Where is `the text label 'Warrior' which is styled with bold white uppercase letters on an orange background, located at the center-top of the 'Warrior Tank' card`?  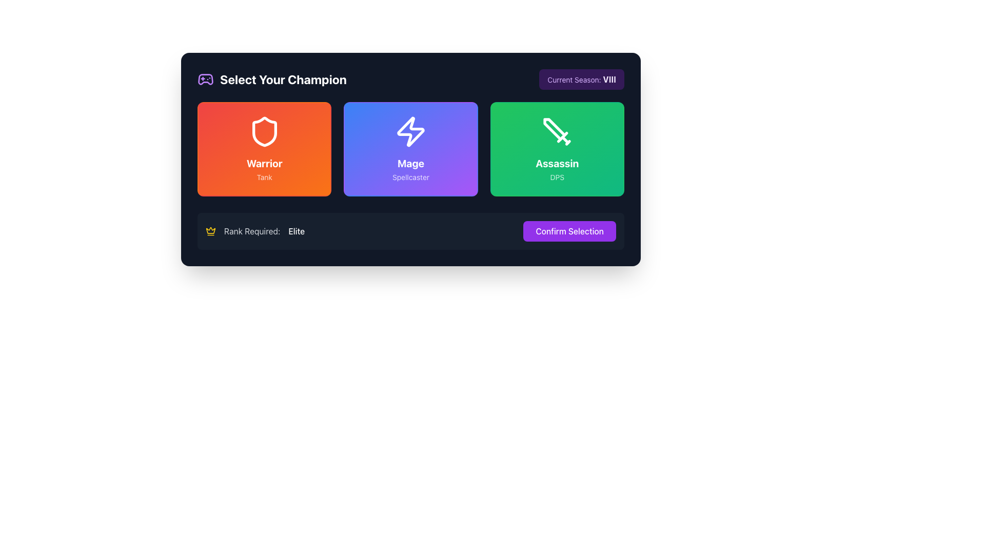 the text label 'Warrior' which is styled with bold white uppercase letters on an orange background, located at the center-top of the 'Warrior Tank' card is located at coordinates (264, 163).